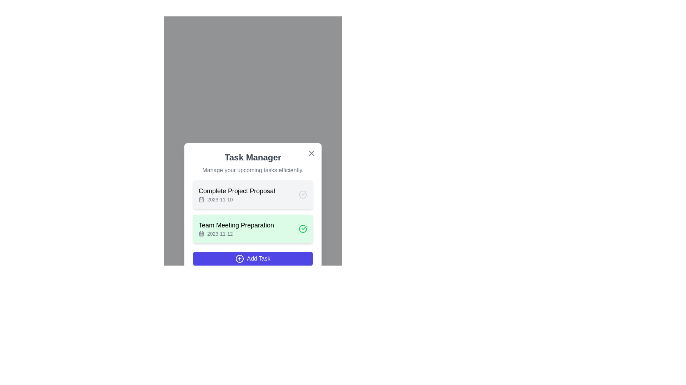 Image resolution: width=686 pixels, height=385 pixels. Describe the element at coordinates (201, 233) in the screenshot. I see `the graphical icon representing the date '2023-11-12' within the task management panel for the 'Team Meeting Preparation' task` at that location.